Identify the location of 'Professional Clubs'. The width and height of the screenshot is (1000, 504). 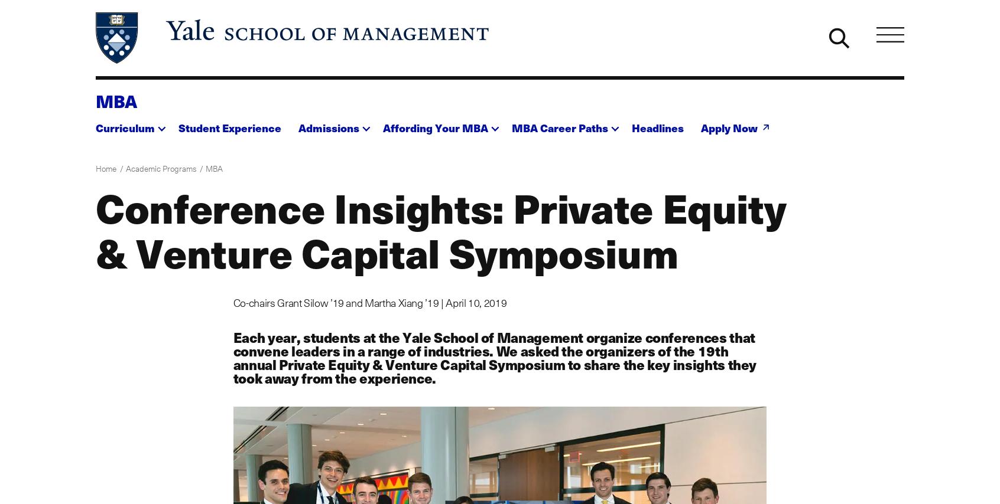
(555, 181).